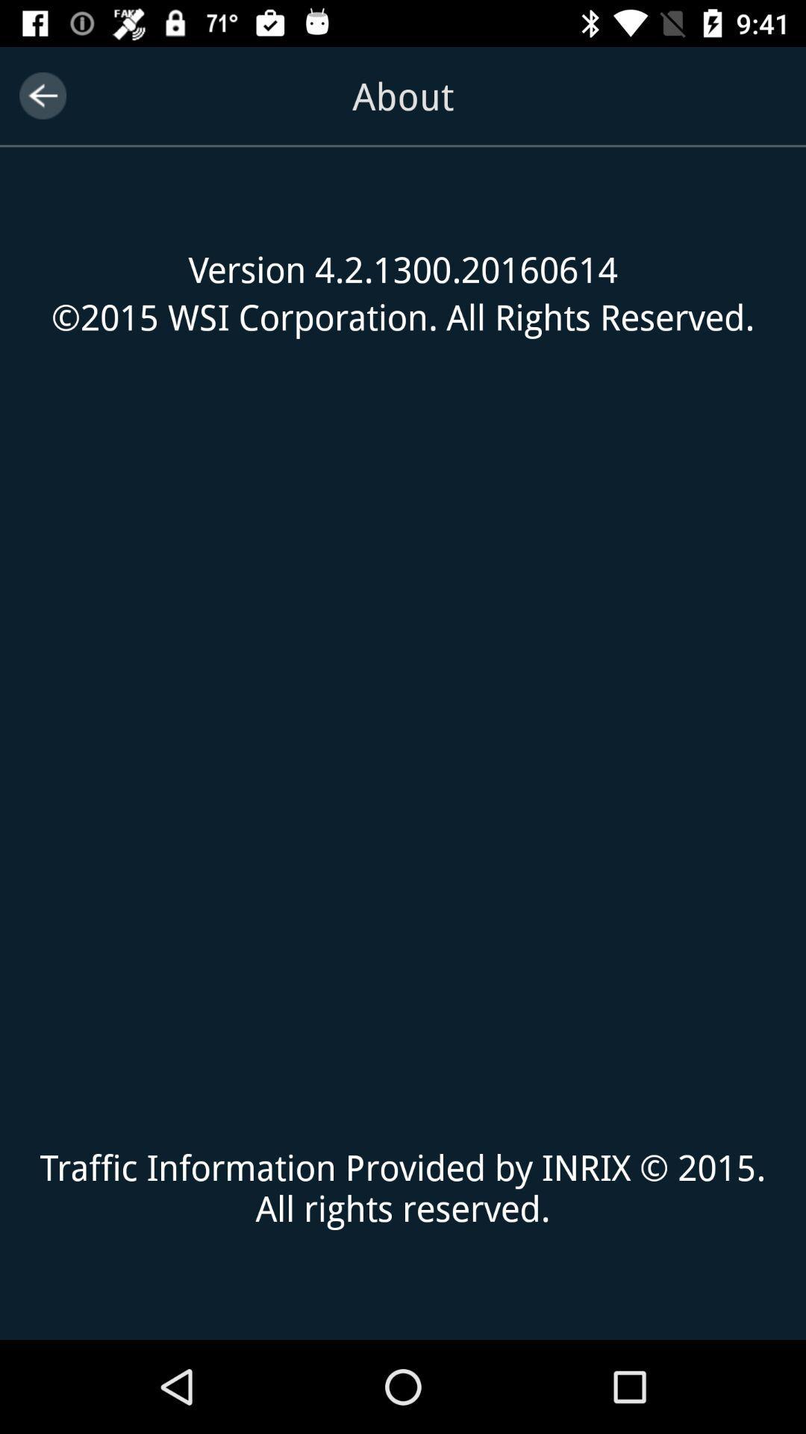 The height and width of the screenshot is (1434, 806). What do you see at coordinates (42, 95) in the screenshot?
I see `the arrow_backward icon` at bounding box center [42, 95].